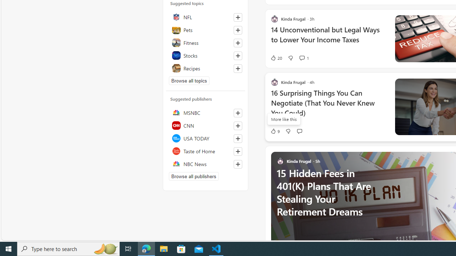  Describe the element at coordinates (299, 131) in the screenshot. I see `'Start the conversation'` at that location.